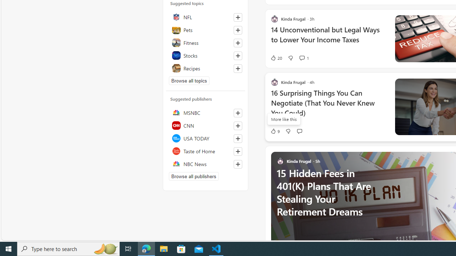  Describe the element at coordinates (299, 131) in the screenshot. I see `'Start the conversation'` at that location.